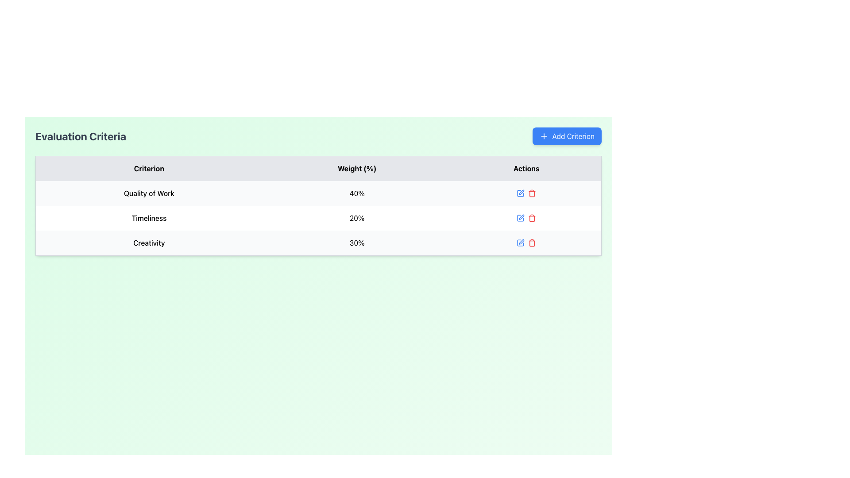  I want to click on the 'Timeliness' text label, which is centered in the second row of the table under the 'Evaluation Criteria' heading and styled with medium font weight, so click(149, 218).